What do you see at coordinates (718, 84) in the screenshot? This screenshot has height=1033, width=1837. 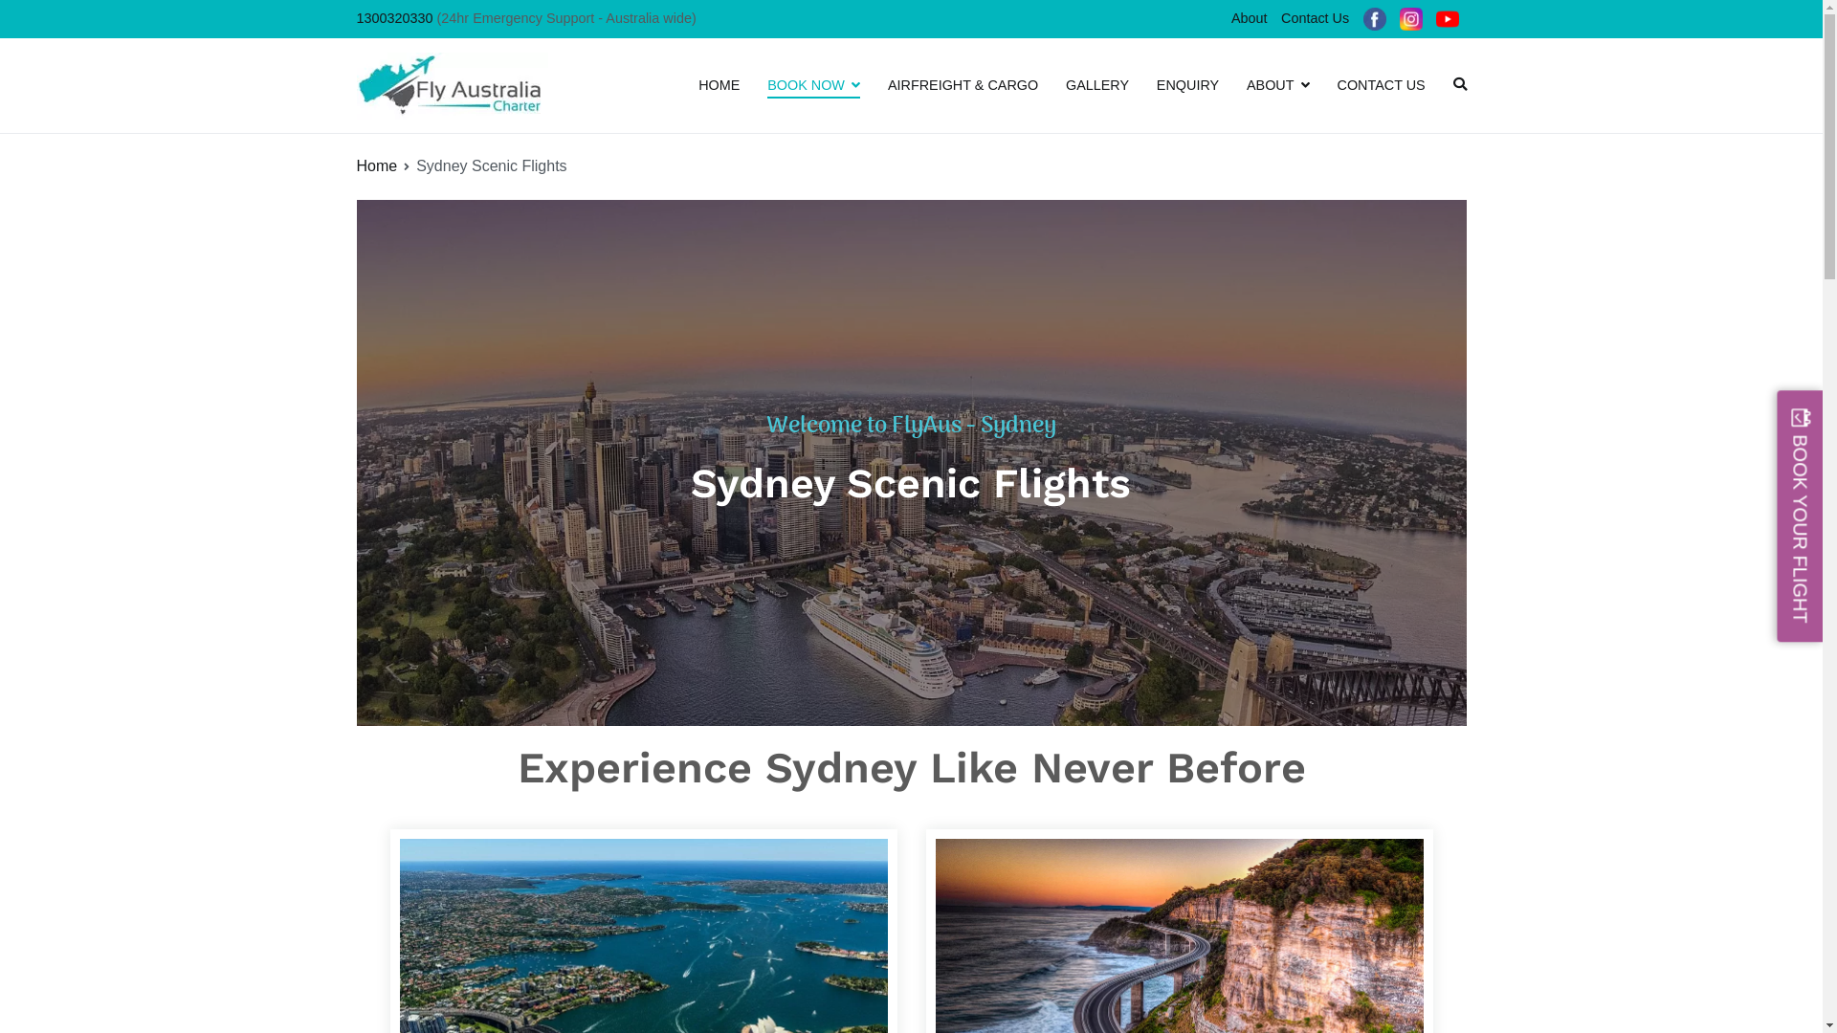 I see `'HOME'` at bounding box center [718, 84].